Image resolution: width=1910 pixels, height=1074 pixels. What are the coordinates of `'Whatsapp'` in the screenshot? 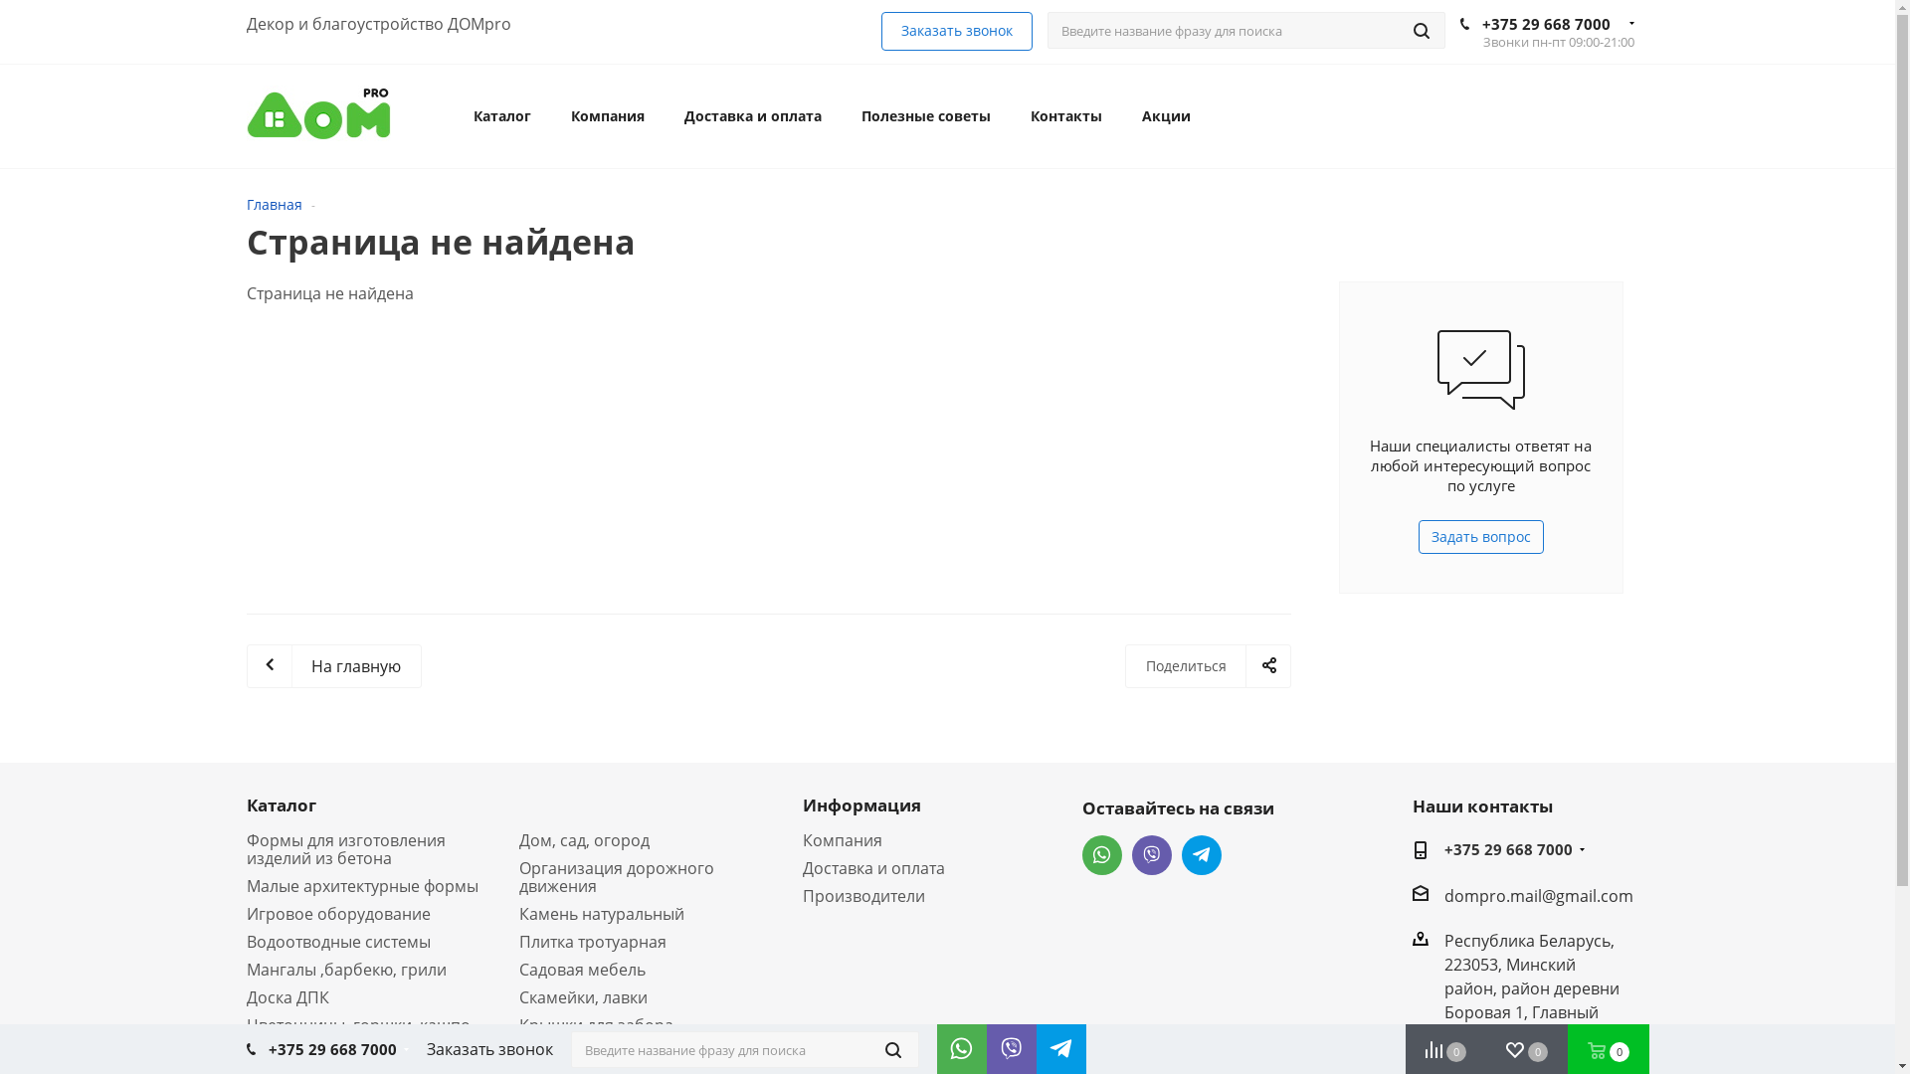 It's located at (935, 1042).